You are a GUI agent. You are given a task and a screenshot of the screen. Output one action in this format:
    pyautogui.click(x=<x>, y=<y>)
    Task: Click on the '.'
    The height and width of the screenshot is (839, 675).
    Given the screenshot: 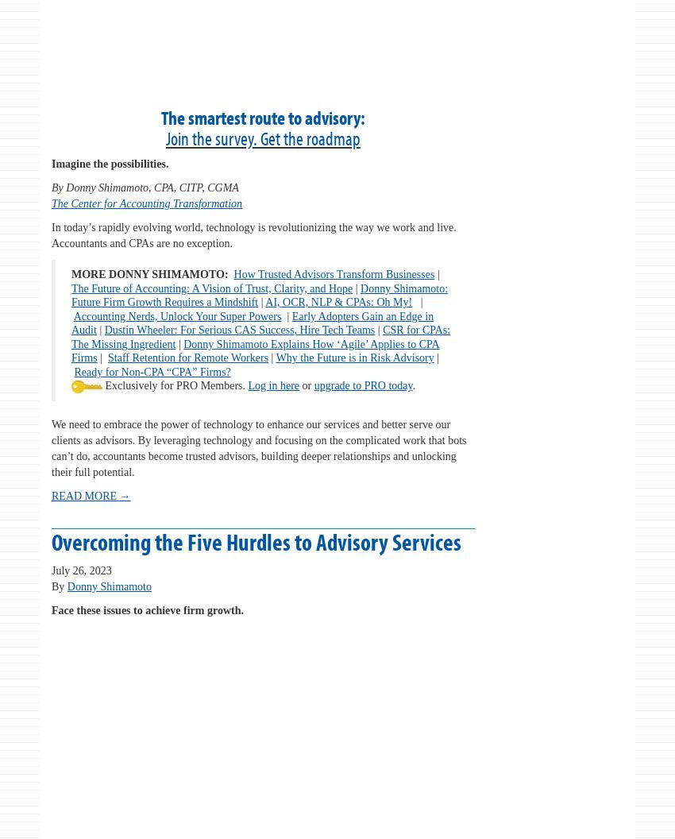 What is the action you would take?
    pyautogui.click(x=412, y=385)
    